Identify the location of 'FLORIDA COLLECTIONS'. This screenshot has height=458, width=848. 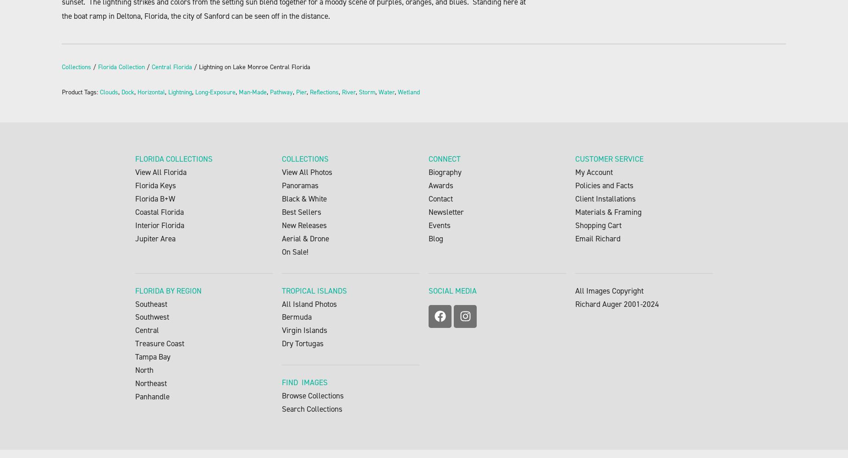
(173, 158).